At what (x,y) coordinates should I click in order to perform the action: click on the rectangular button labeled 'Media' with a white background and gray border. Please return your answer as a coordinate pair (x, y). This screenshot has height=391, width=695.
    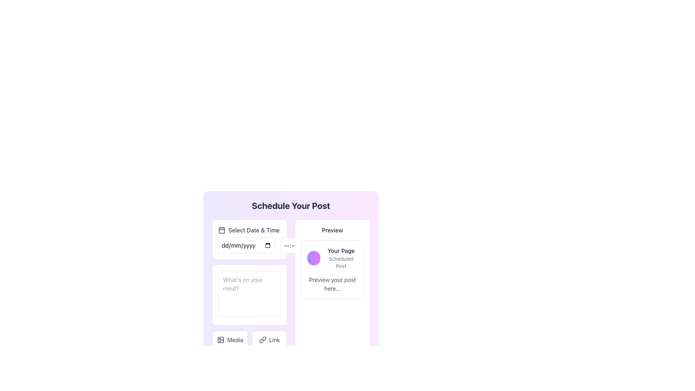
    Looking at the image, I should click on (230, 340).